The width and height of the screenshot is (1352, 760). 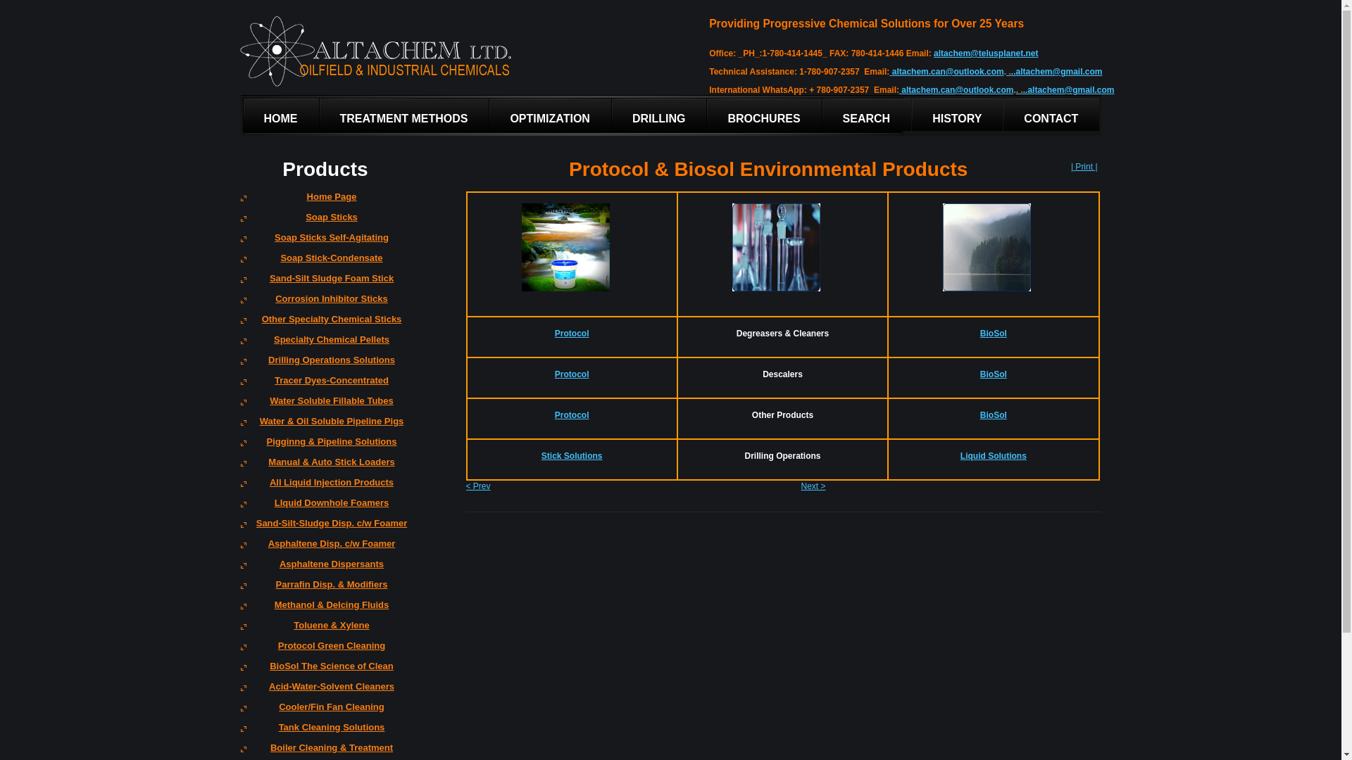 What do you see at coordinates (1068, 89) in the screenshot?
I see `'..altachem@gmail.com'` at bounding box center [1068, 89].